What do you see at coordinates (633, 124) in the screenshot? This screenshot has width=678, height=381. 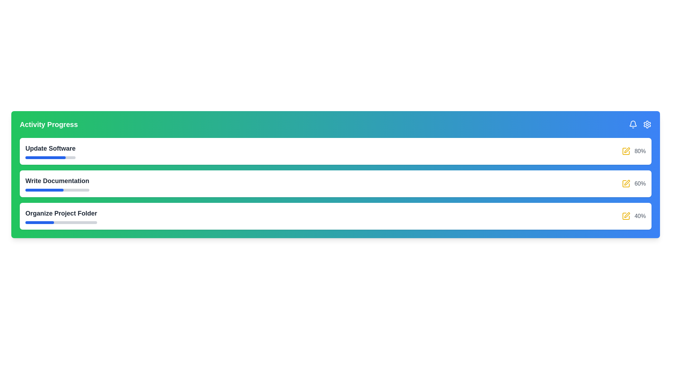 I see `the notification icon located in the top-right corner of the blue header bar` at bounding box center [633, 124].